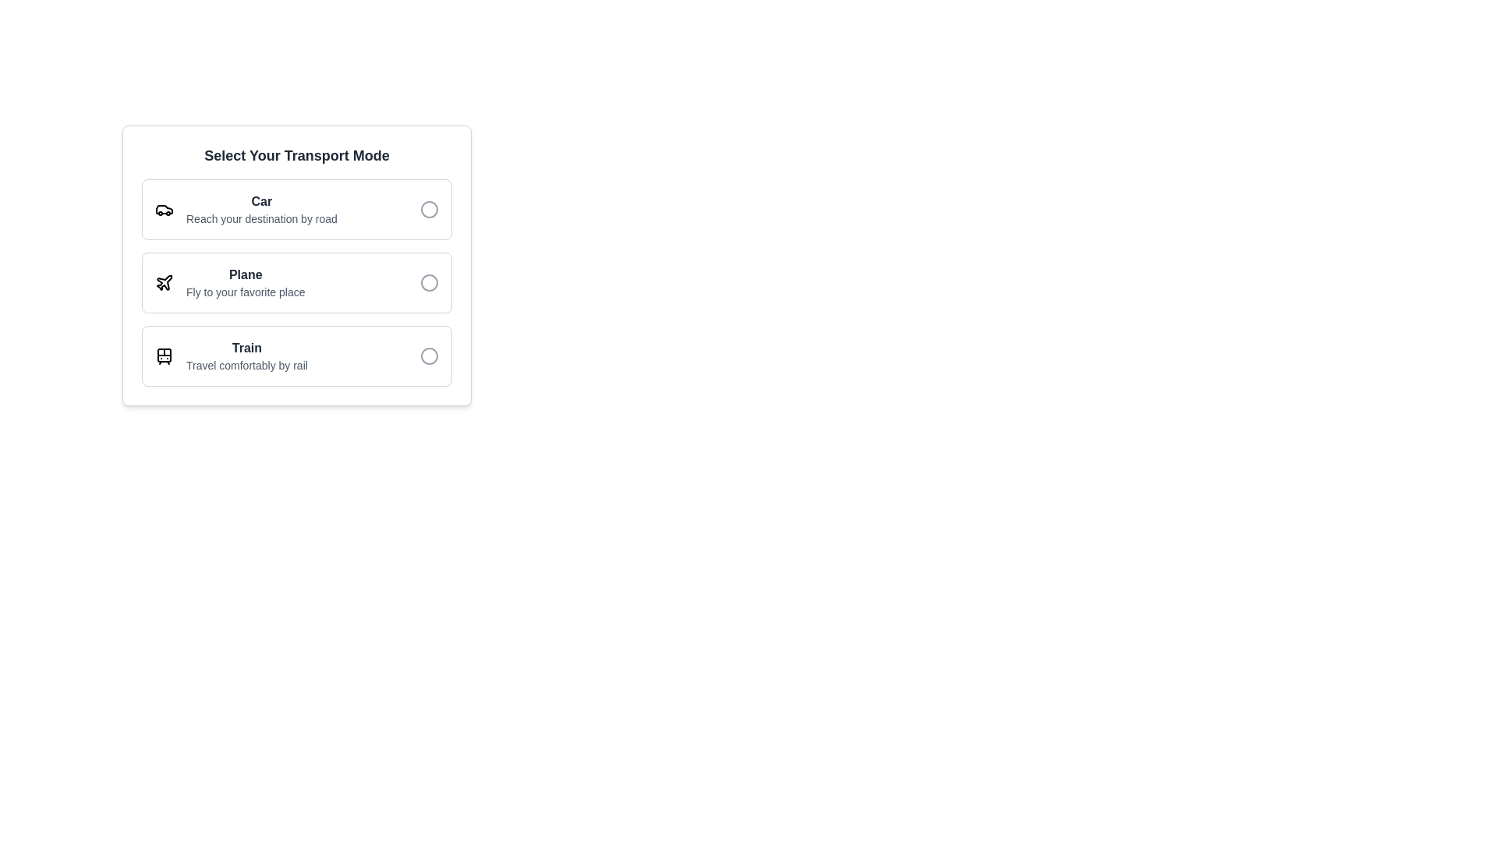 This screenshot has height=842, width=1497. What do you see at coordinates (246, 348) in the screenshot?
I see `the 'Train' label element, which is styled in bold dark-gray text and located in the third option block for transport modes, positioned below 'Car' and 'Plane' options` at bounding box center [246, 348].